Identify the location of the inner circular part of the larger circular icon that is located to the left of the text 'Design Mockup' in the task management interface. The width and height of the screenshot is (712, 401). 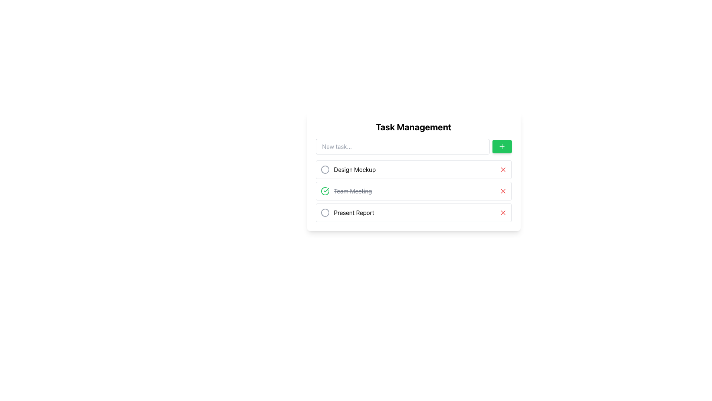
(325, 169).